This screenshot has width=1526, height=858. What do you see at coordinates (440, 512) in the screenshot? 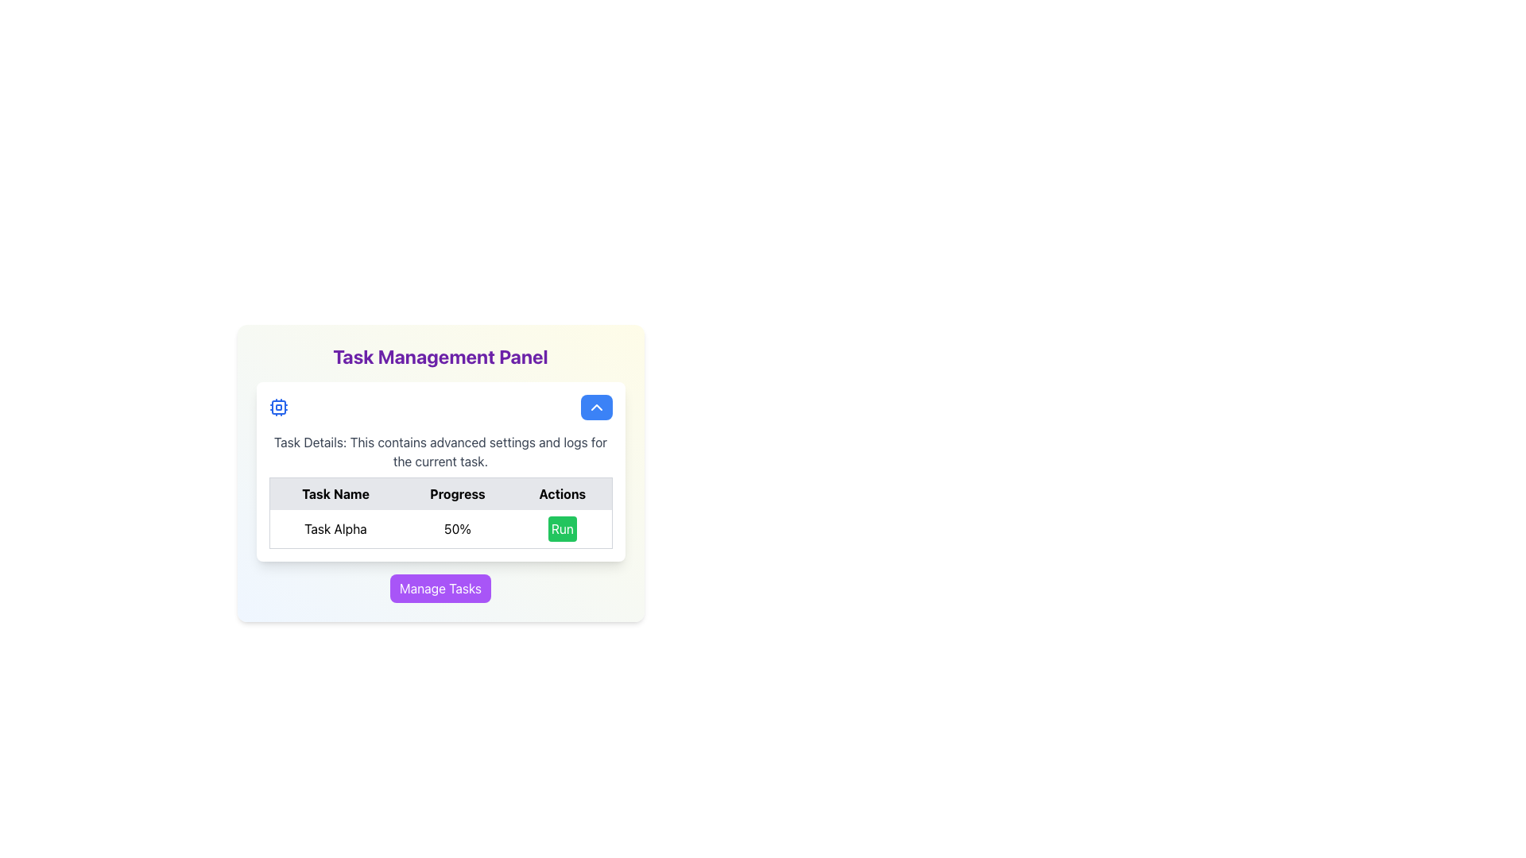
I see `displayed text in the table cell located in the middle column labeled 'Progress', which contains the text '50%'` at bounding box center [440, 512].